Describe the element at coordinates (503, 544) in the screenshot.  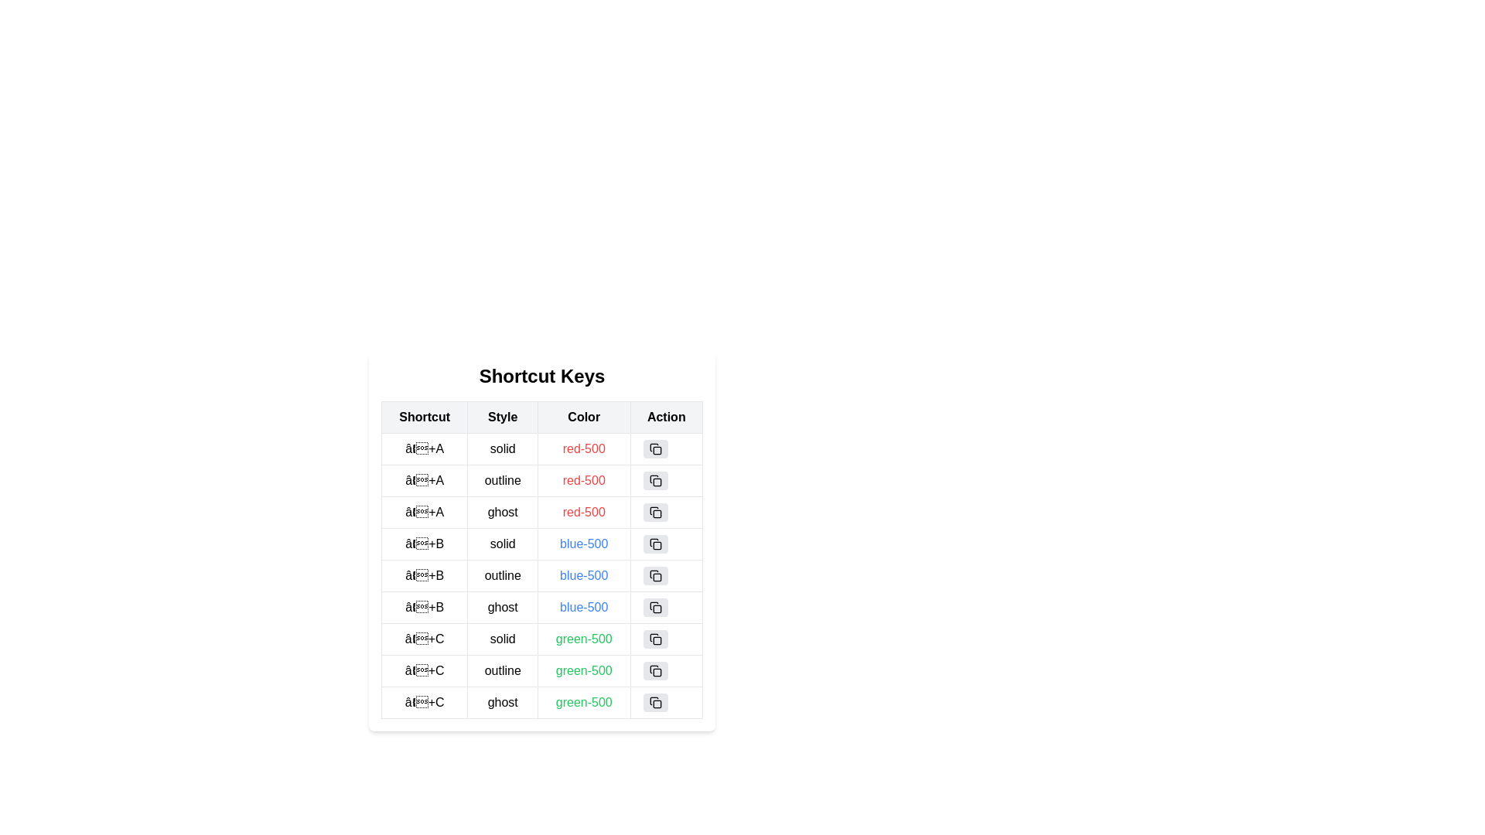
I see `the text label displaying the word 'solid' in black color, located in the second row of the 'Style' column within a table, flanked by '⌘+B' and 'blue-500'` at that location.